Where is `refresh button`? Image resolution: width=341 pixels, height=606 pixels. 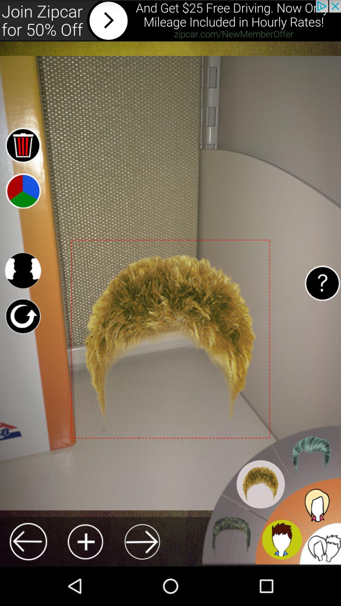 refresh button is located at coordinates (22, 316).